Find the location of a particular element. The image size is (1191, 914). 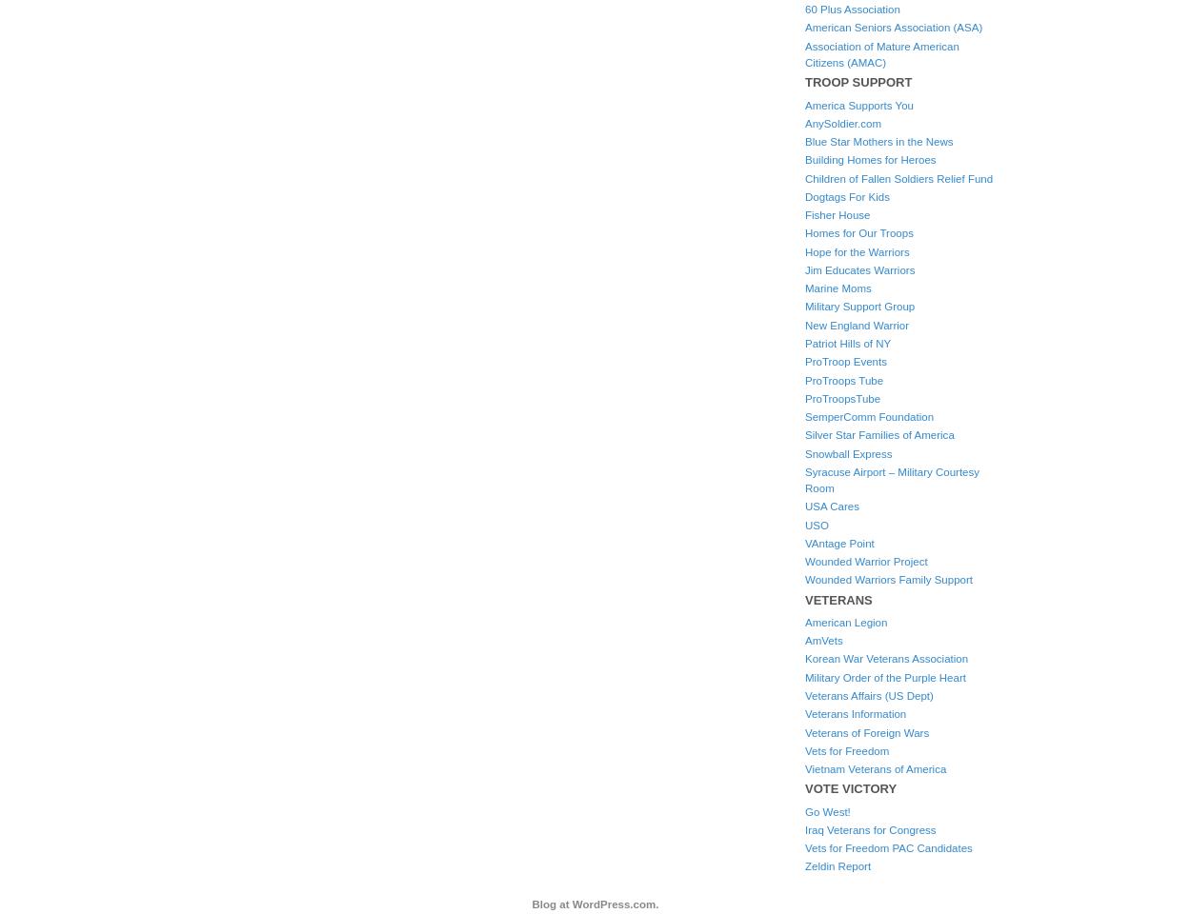

'Patriot Hills of NY' is located at coordinates (848, 343).